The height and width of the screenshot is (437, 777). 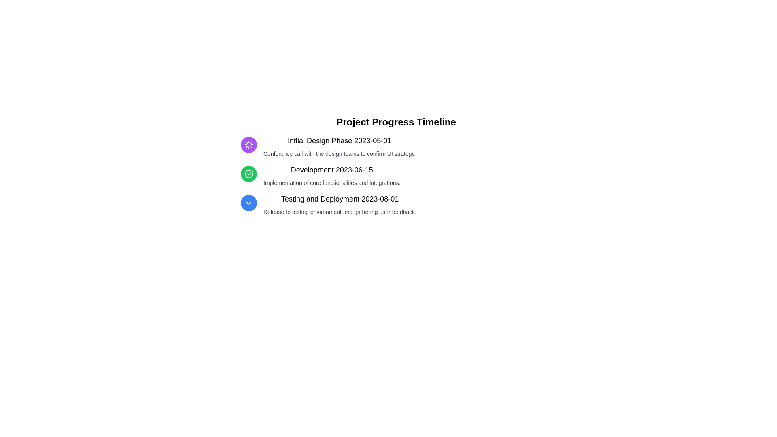 What do you see at coordinates (332, 182) in the screenshot?
I see `the text block displaying 'Implementation of core functionalities and integrations.' located under the heading 'Development 2023-06-15'` at bounding box center [332, 182].